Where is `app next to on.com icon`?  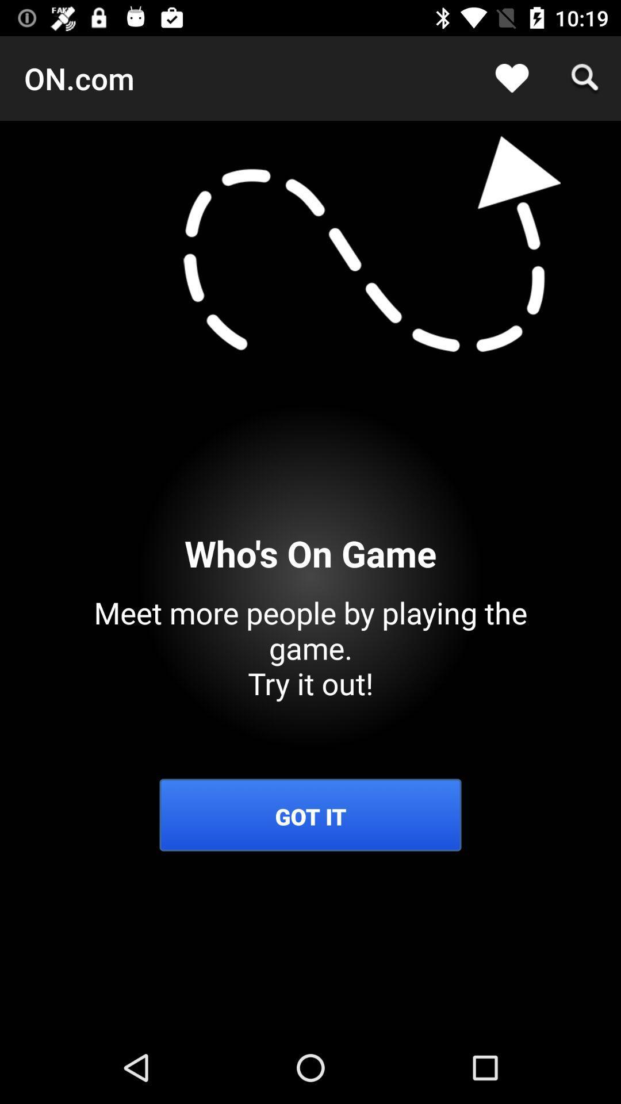
app next to on.com icon is located at coordinates (512, 78).